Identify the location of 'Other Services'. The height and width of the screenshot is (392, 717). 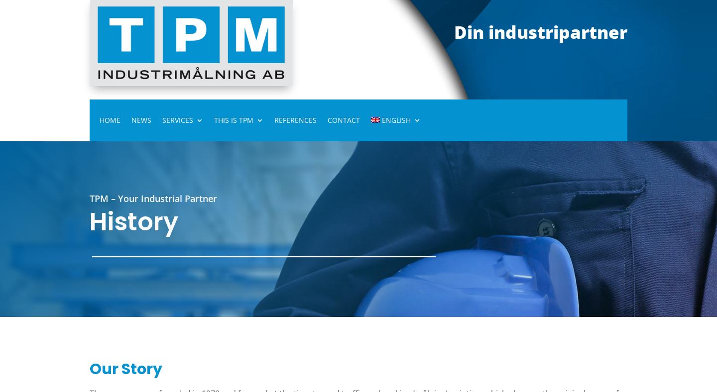
(204, 227).